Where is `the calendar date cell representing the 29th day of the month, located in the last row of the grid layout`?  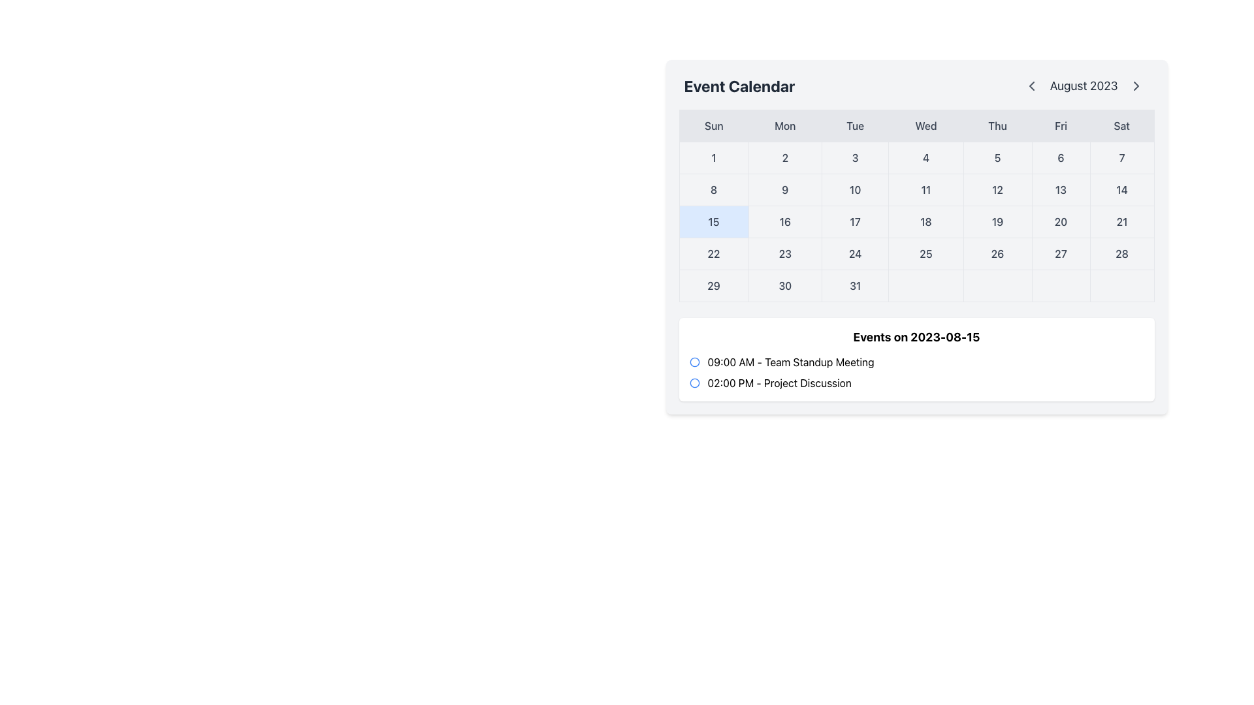 the calendar date cell representing the 29th day of the month, located in the last row of the grid layout is located at coordinates (713, 285).